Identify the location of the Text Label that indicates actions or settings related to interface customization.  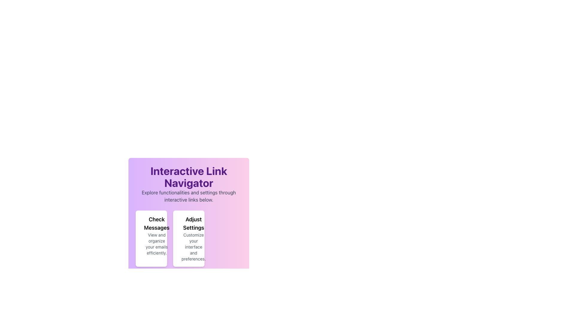
(193, 224).